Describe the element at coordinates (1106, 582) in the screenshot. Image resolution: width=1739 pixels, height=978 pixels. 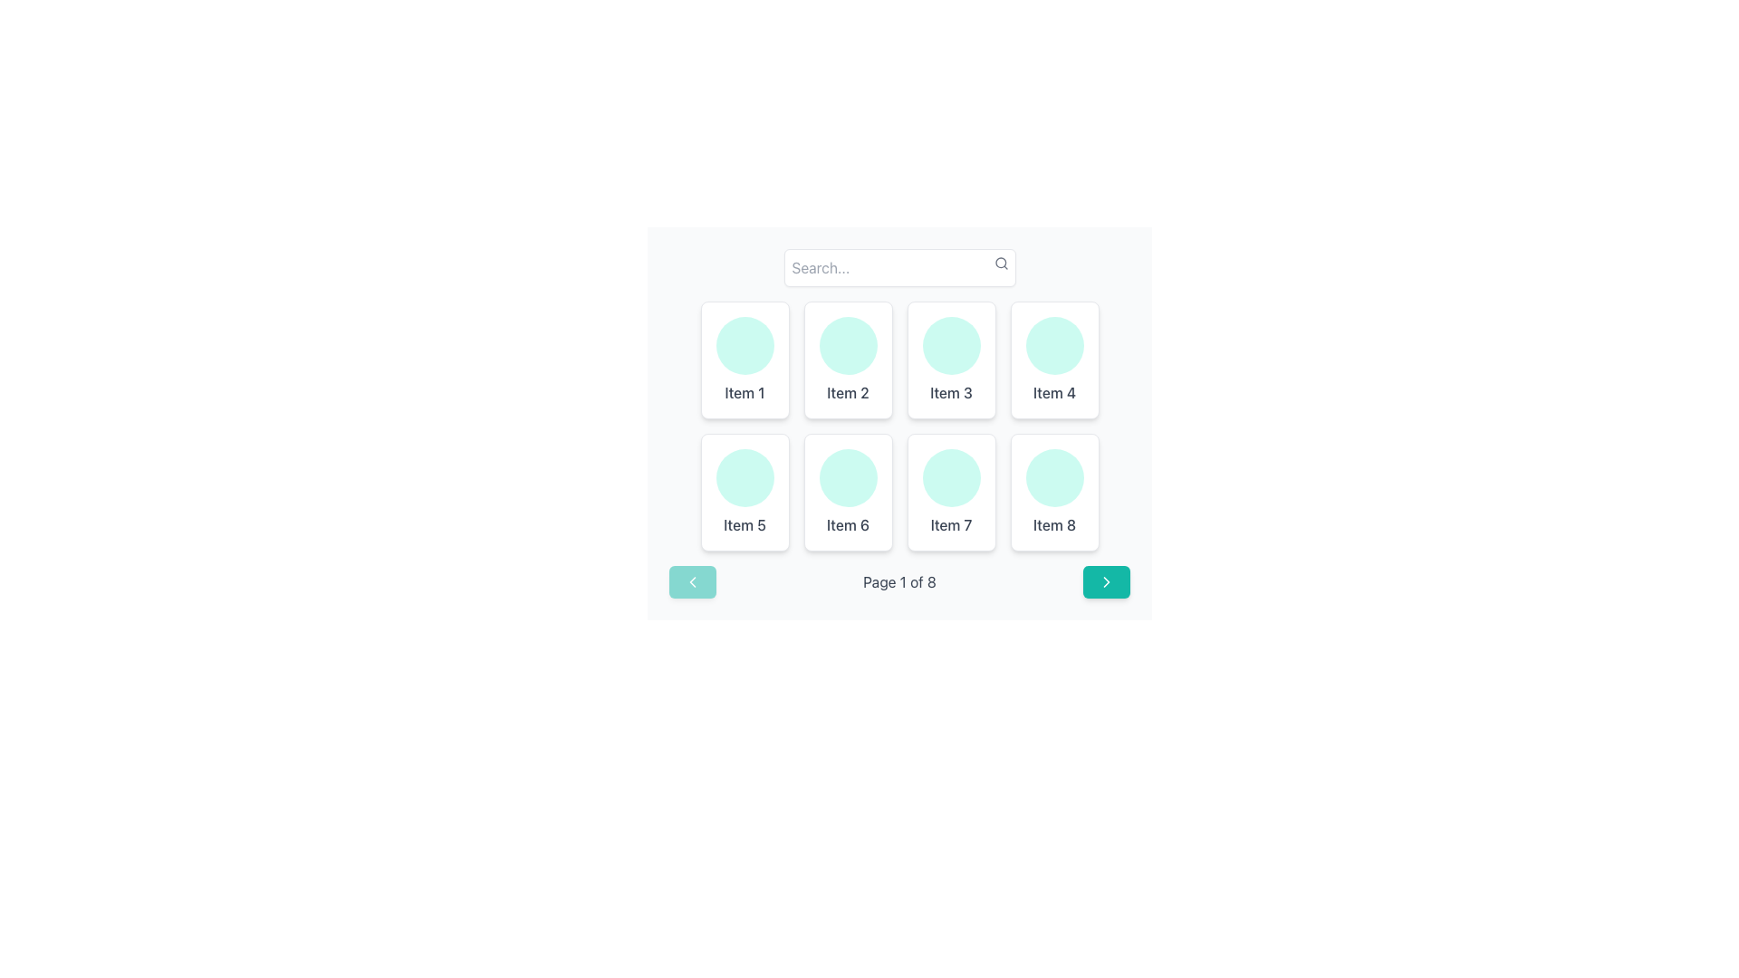
I see `the right-pointing chevron arrow icon located within the teal navigational button at the bottom right corner of the interface` at that location.